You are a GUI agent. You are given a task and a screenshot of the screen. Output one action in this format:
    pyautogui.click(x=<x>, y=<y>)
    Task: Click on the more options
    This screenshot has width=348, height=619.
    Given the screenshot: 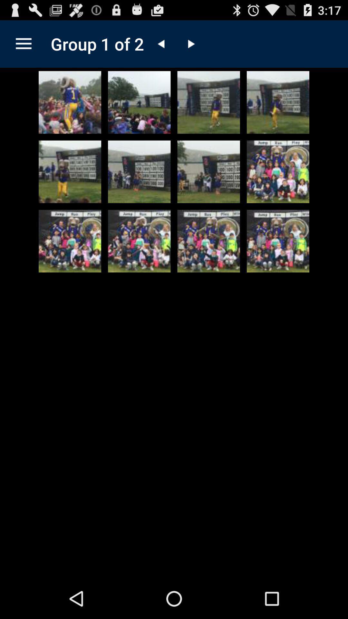 What is the action you would take?
    pyautogui.click(x=23, y=44)
    